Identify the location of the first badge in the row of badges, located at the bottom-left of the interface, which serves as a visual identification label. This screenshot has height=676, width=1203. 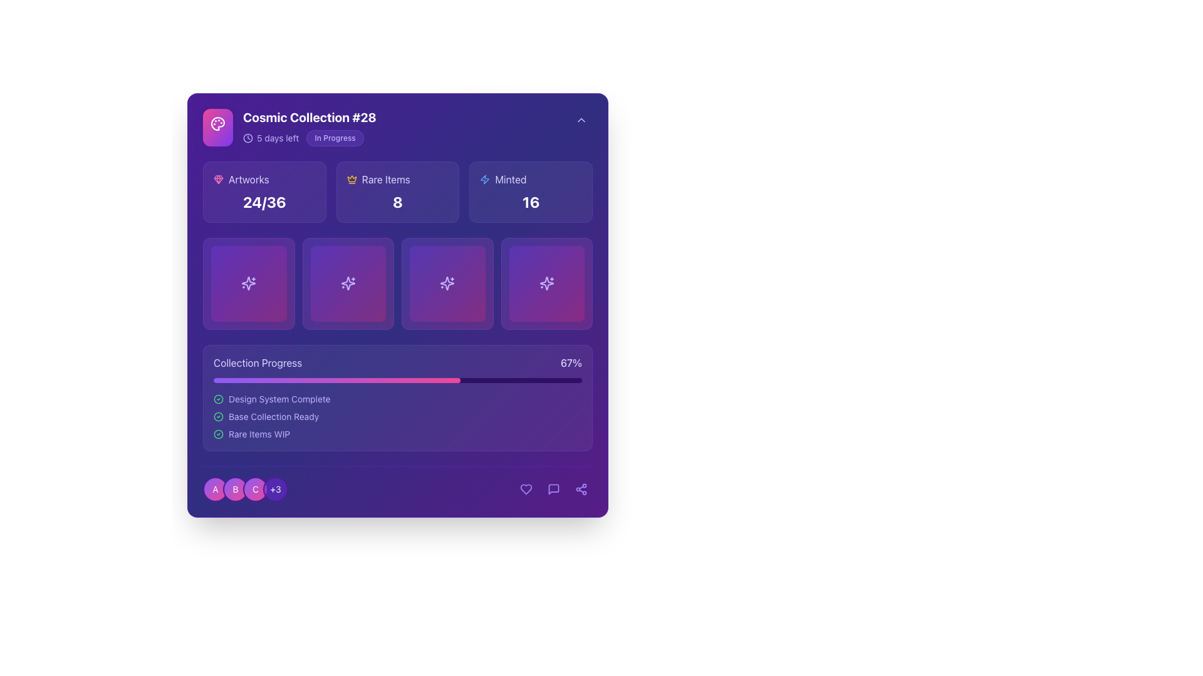
(216, 488).